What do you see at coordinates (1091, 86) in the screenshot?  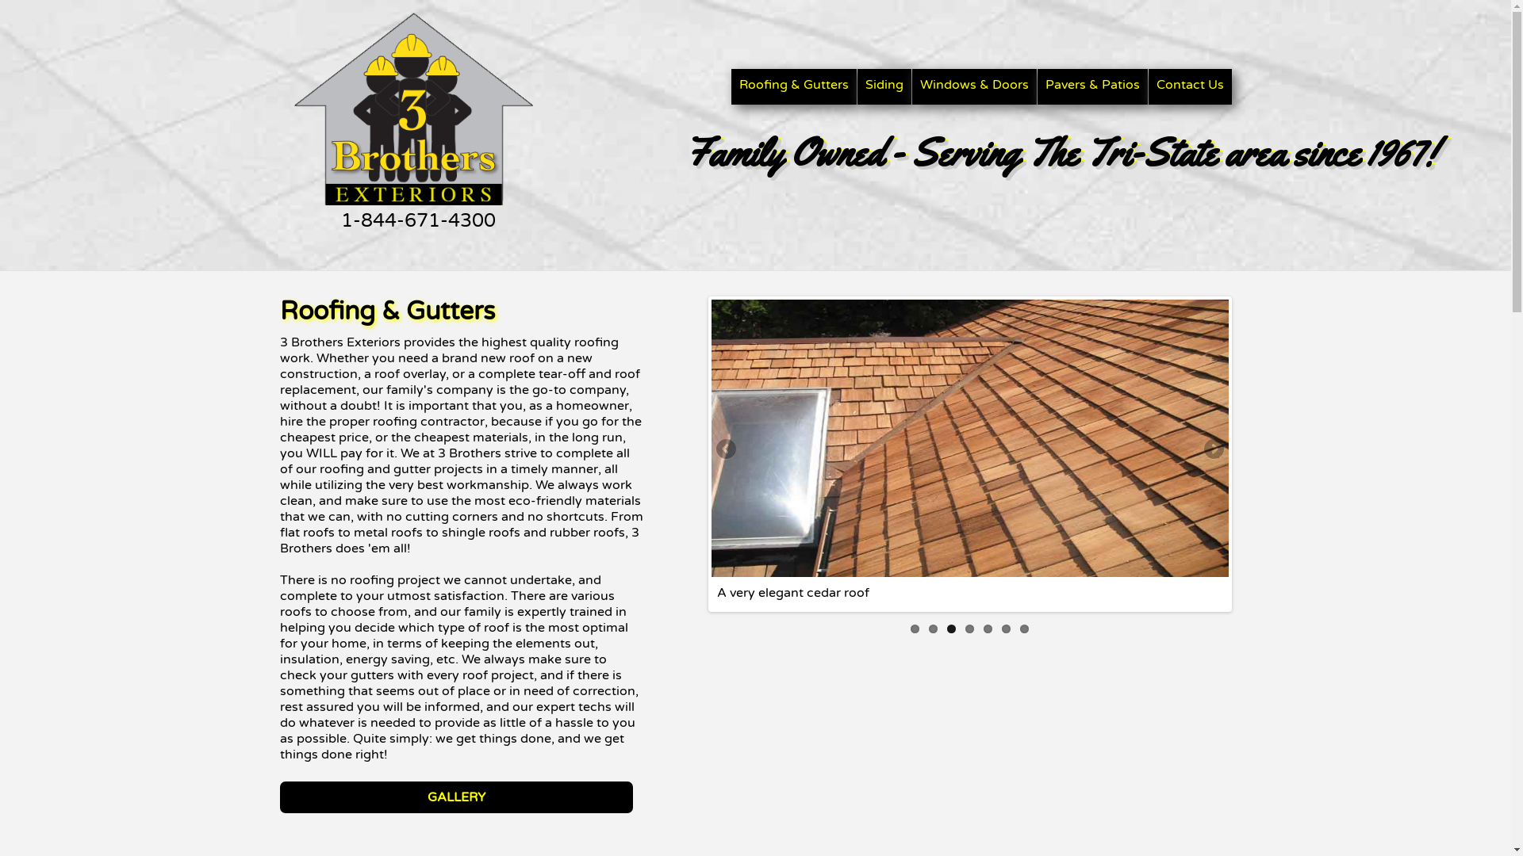 I see `'Pavers & Patios'` at bounding box center [1091, 86].